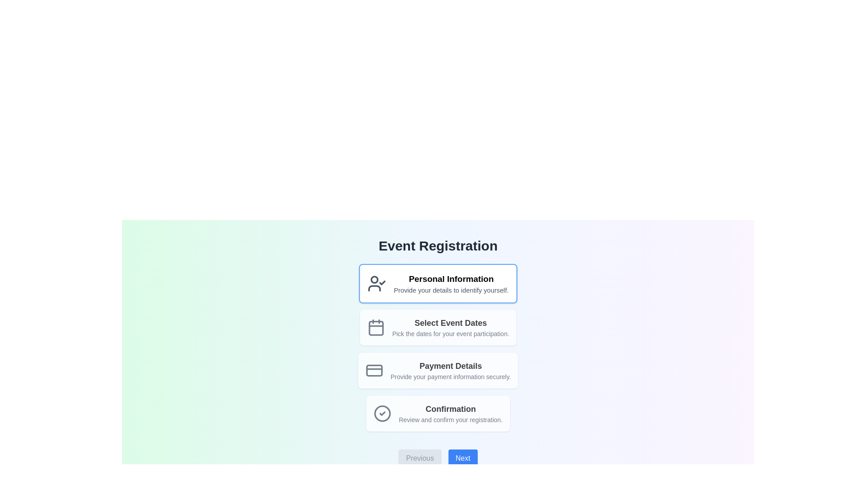  I want to click on the Text Label that serves as a section title for the form, positioned centrally above the descriptive text 'Provide your details to identify yourself.', so click(451, 278).